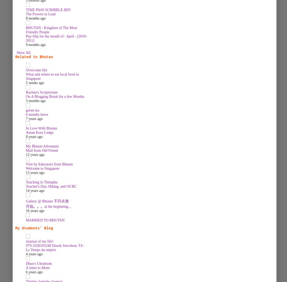 This screenshot has height=282, width=287. What do you see at coordinates (35, 83) in the screenshot?
I see `'5 weeks ago'` at bounding box center [35, 83].